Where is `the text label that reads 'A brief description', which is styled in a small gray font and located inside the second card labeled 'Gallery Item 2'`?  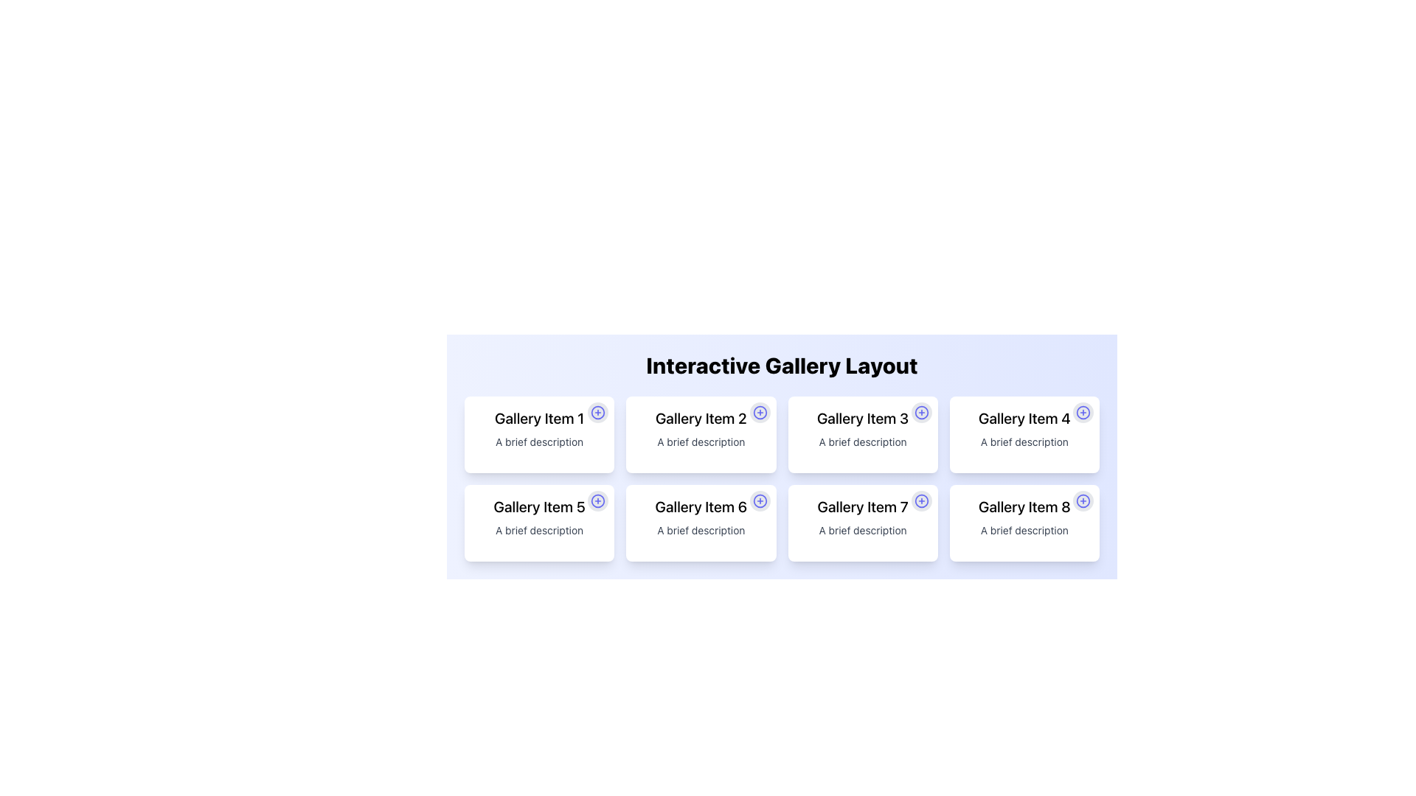
the text label that reads 'A brief description', which is styled in a small gray font and located inside the second card labeled 'Gallery Item 2' is located at coordinates (700, 441).